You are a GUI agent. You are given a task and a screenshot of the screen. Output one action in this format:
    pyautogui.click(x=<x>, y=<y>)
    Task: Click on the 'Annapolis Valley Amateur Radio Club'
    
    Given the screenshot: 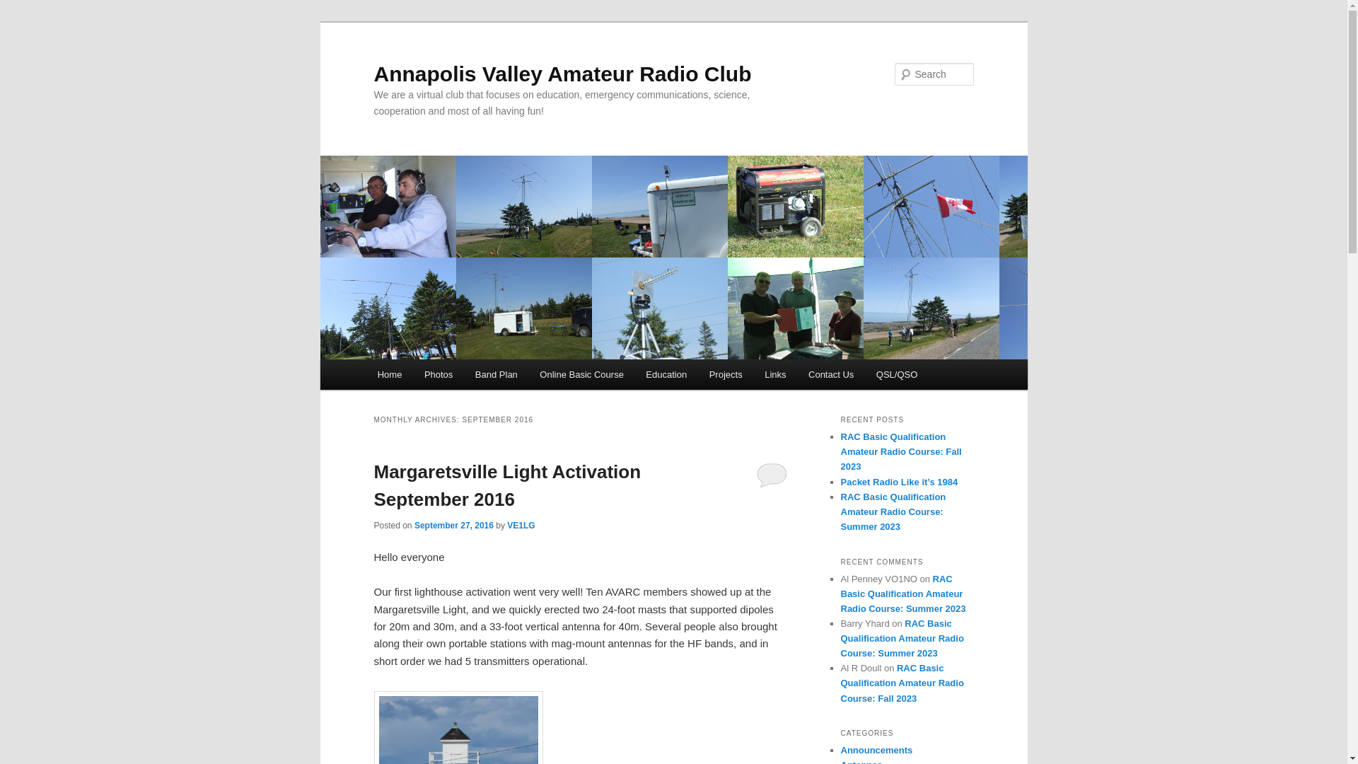 What is the action you would take?
    pyautogui.click(x=562, y=74)
    